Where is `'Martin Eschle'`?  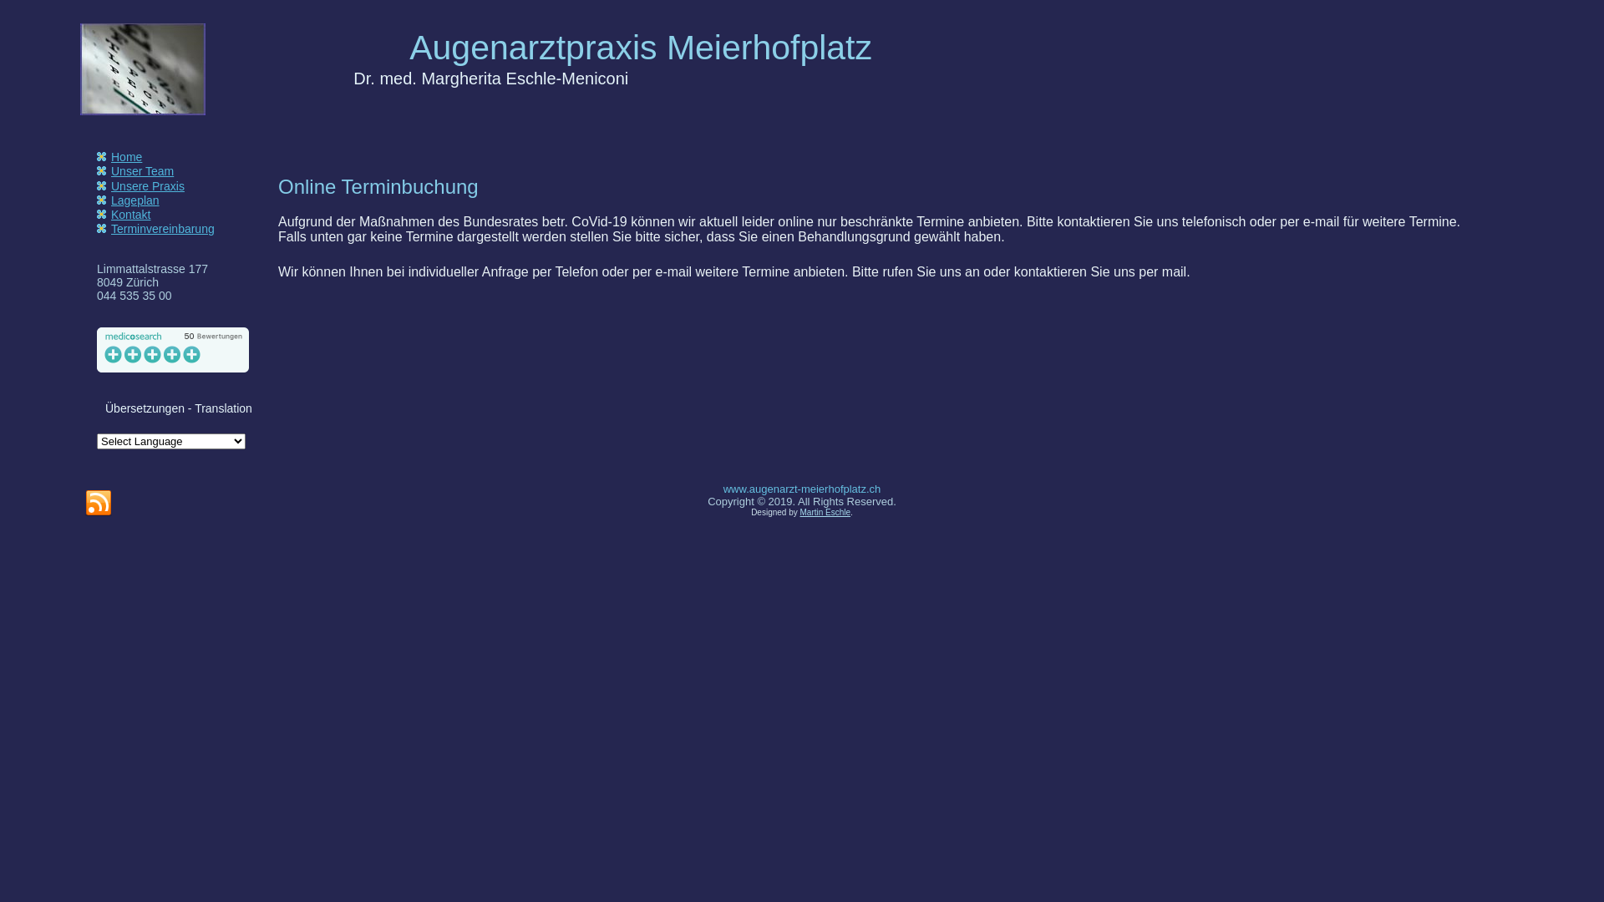
'Martin Eschle' is located at coordinates (799, 511).